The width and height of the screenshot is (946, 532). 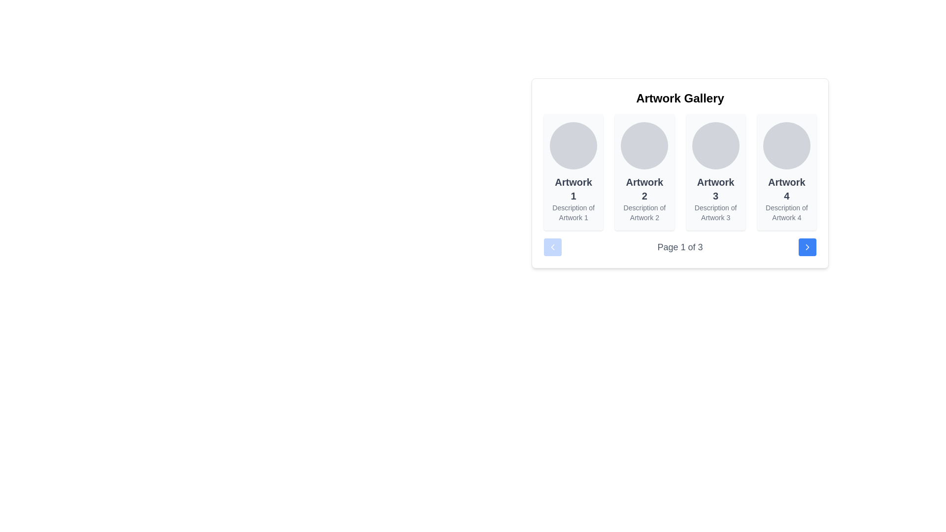 What do you see at coordinates (786, 172) in the screenshot?
I see `the information on the informational card titled 'Artwork 4', which is the fourth card in a grid layout, featuring a circular placeholder image, a bold title, and a brief description` at bounding box center [786, 172].